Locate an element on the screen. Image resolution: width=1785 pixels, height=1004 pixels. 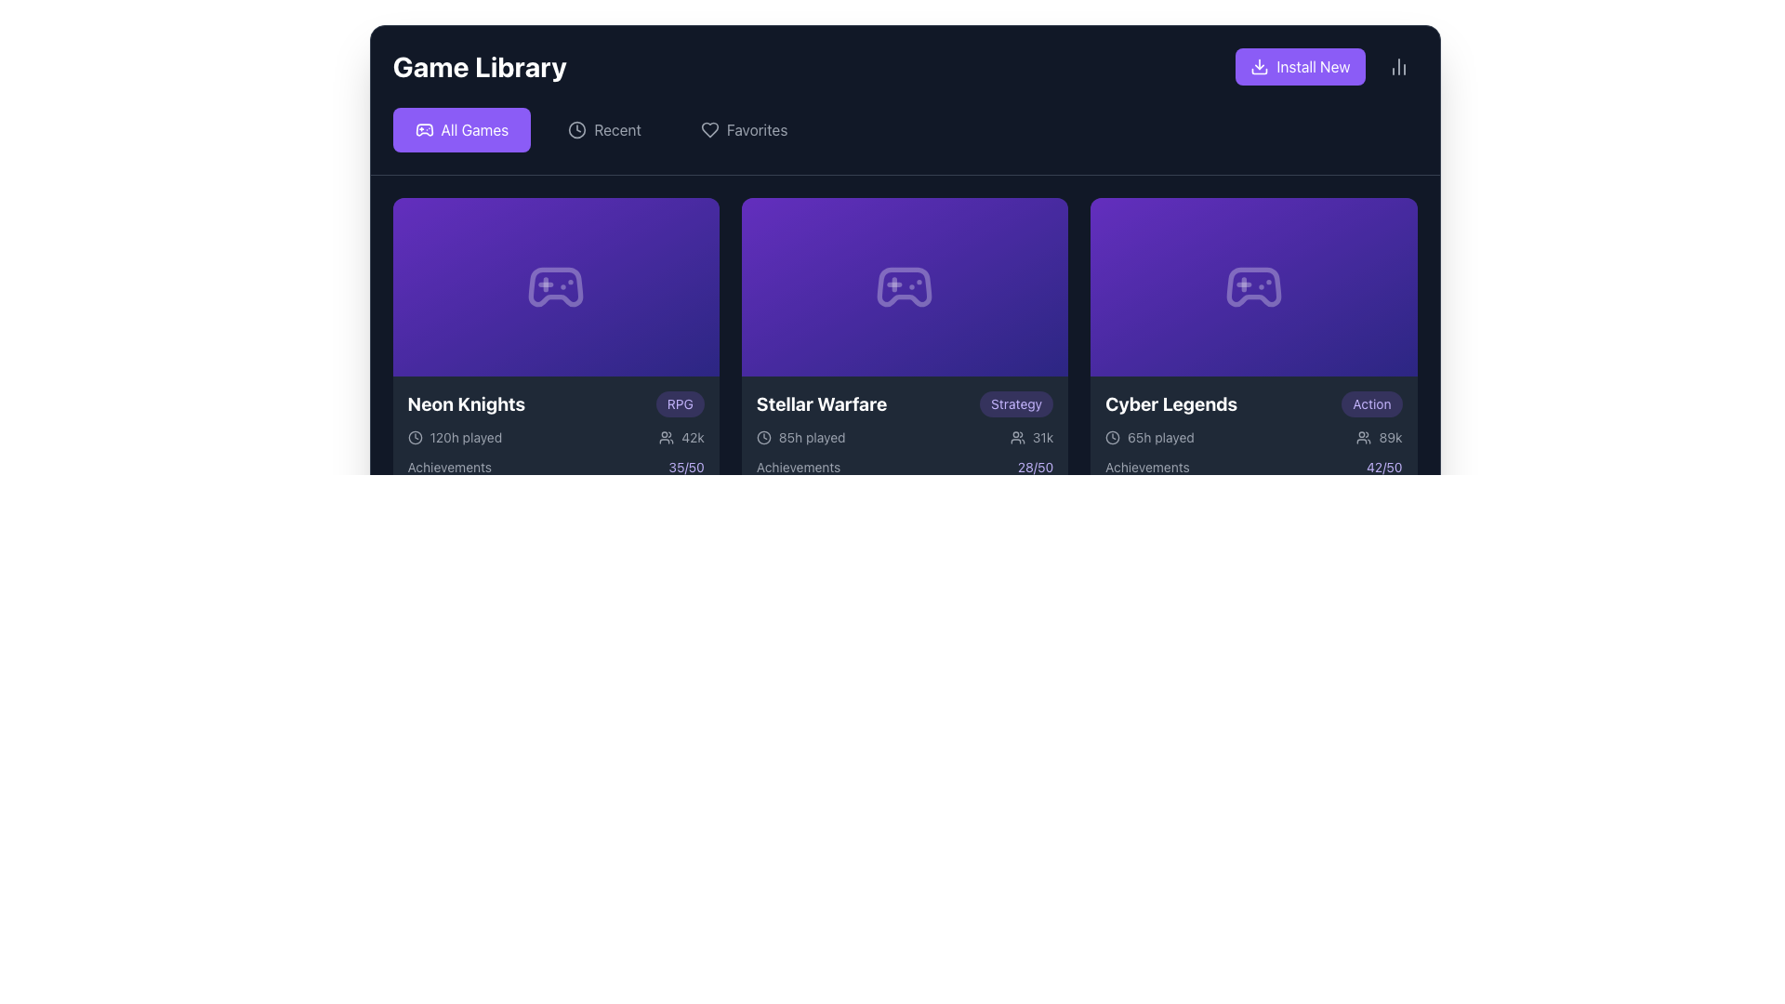
the game controller icon displayed on a purple background in the second card labeled 'Stellar Warfare' is located at coordinates (905, 286).